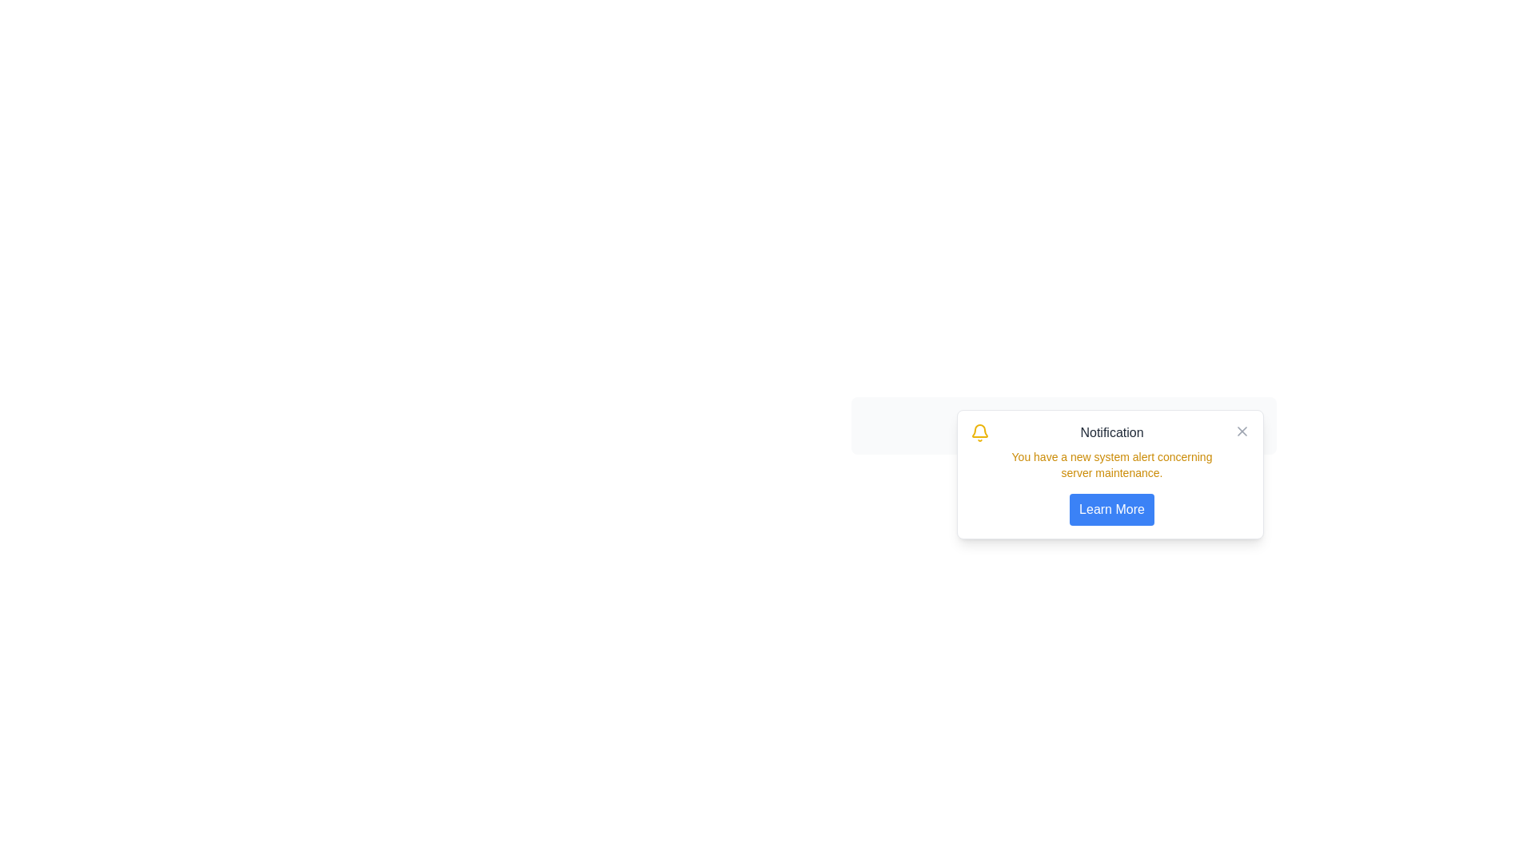  Describe the element at coordinates (979, 433) in the screenshot. I see `the bell icon located at the top-left of the notification card, which indicates alert or notification content` at that location.